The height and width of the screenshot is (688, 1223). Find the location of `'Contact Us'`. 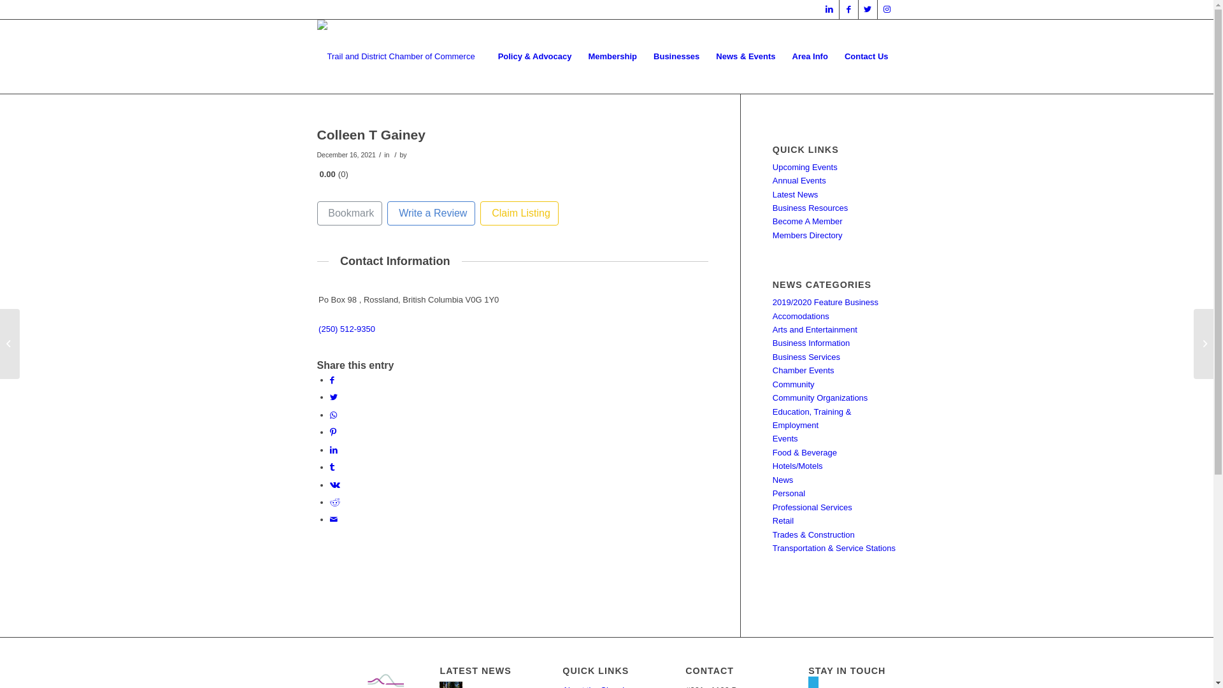

'Contact Us' is located at coordinates (866, 55).